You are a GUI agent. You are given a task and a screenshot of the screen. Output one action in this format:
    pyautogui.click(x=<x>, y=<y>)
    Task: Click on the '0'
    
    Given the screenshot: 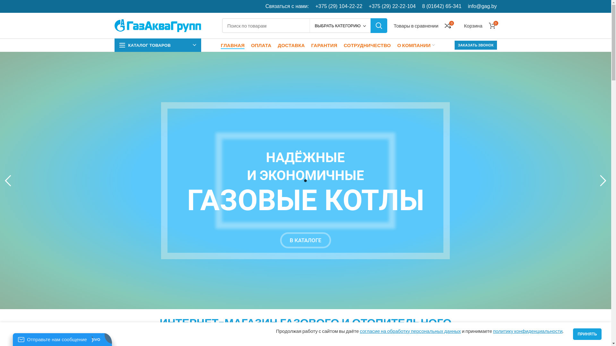 What is the action you would take?
    pyautogui.click(x=448, y=25)
    